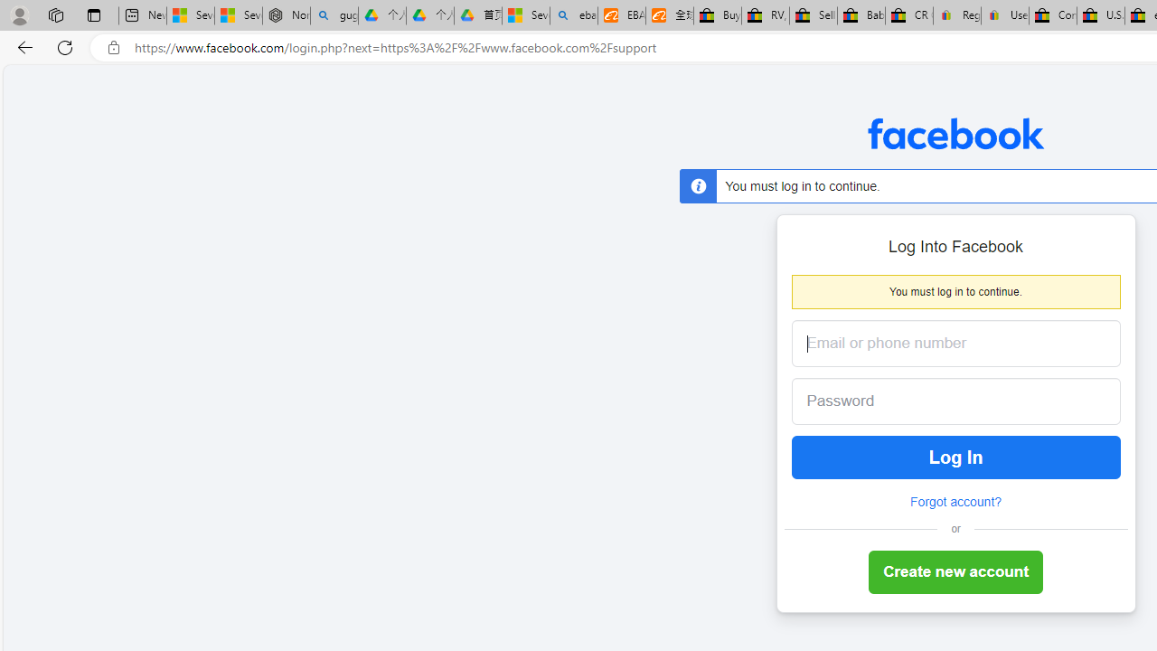 This screenshot has height=651, width=1157. What do you see at coordinates (1053, 15) in the screenshot?
I see `'Consumer Health Data Privacy Policy - eBay Inc.'` at bounding box center [1053, 15].